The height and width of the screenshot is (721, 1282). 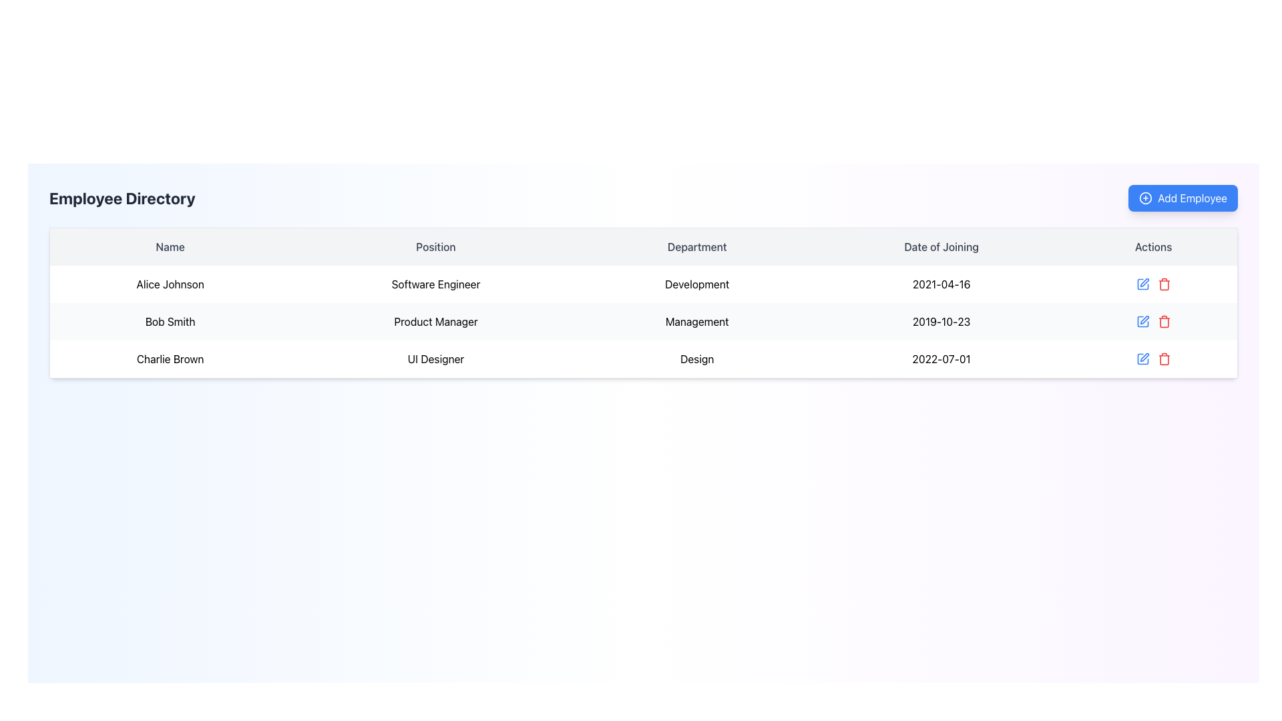 What do you see at coordinates (1163, 322) in the screenshot?
I see `the red trash can icon for Bob Smith` at bounding box center [1163, 322].